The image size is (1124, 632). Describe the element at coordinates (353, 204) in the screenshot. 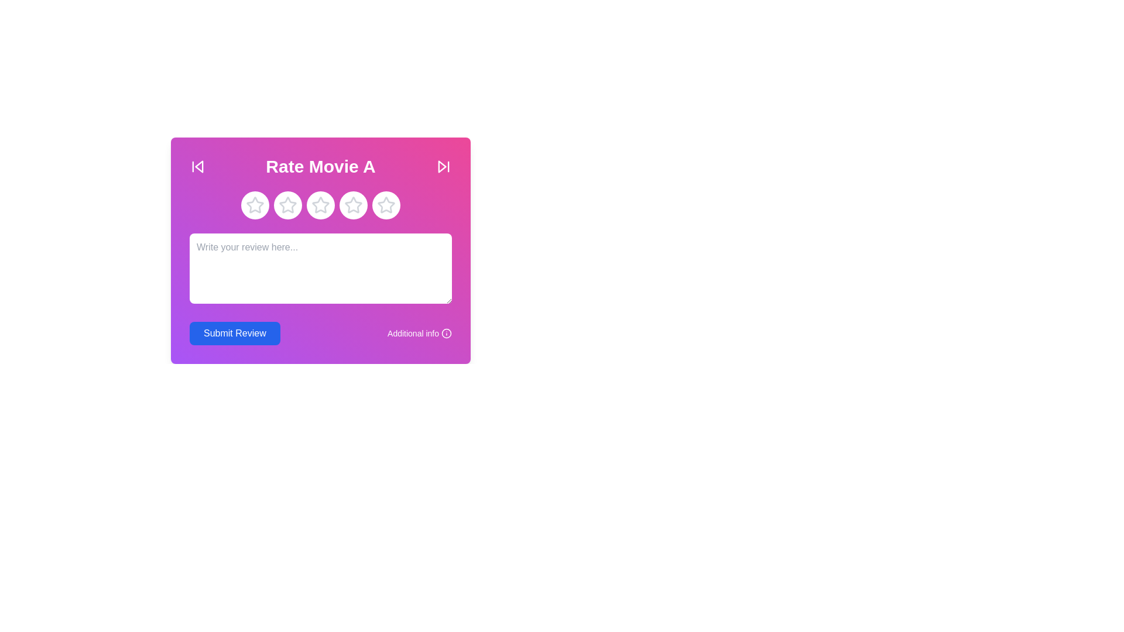

I see `the third star in the five-star rating system located below the section title 'Rate Movie A'` at that location.